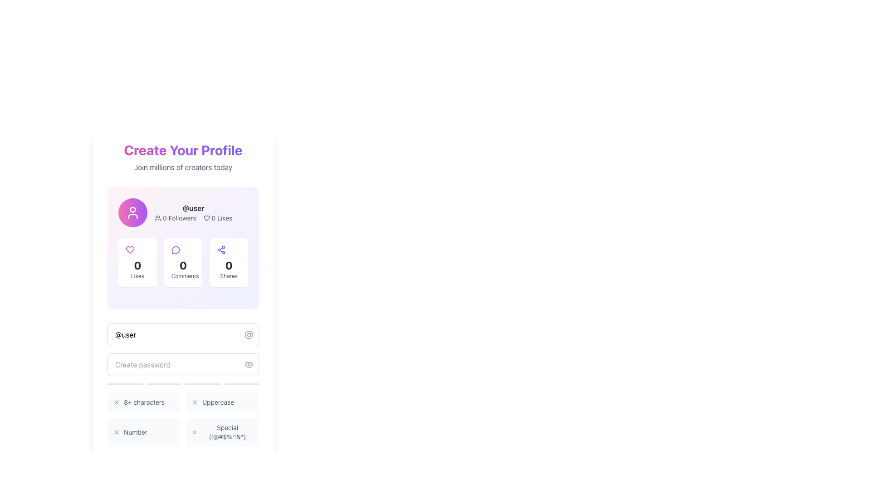  I want to click on the disabled button labeled 'Secure Your Account' located at the bottom of the 'Create Your Profile' section, which is currently inactive and muted in color, so click(182, 474).